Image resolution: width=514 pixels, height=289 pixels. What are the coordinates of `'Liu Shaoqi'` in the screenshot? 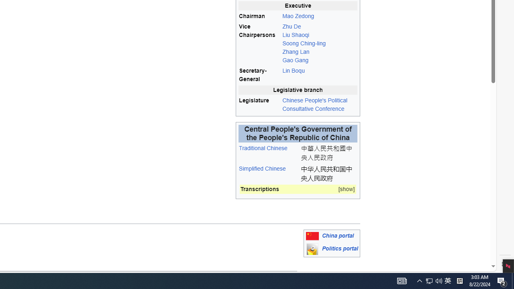 It's located at (295, 34).